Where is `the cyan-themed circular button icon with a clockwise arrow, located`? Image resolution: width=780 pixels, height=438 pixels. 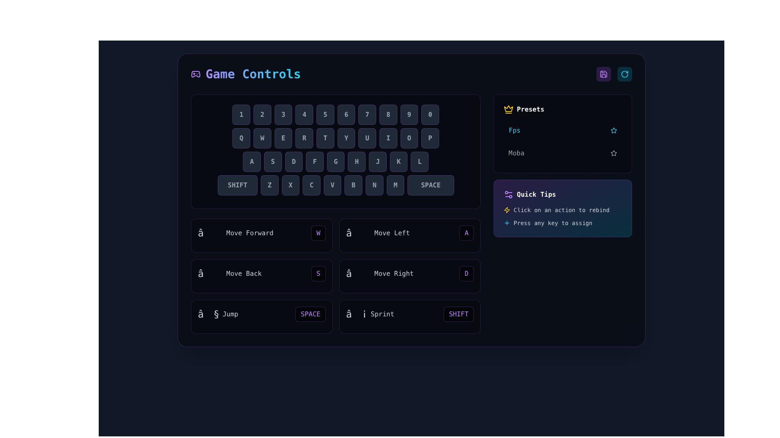 the cyan-themed circular button icon with a clockwise arrow, located is located at coordinates (624, 74).